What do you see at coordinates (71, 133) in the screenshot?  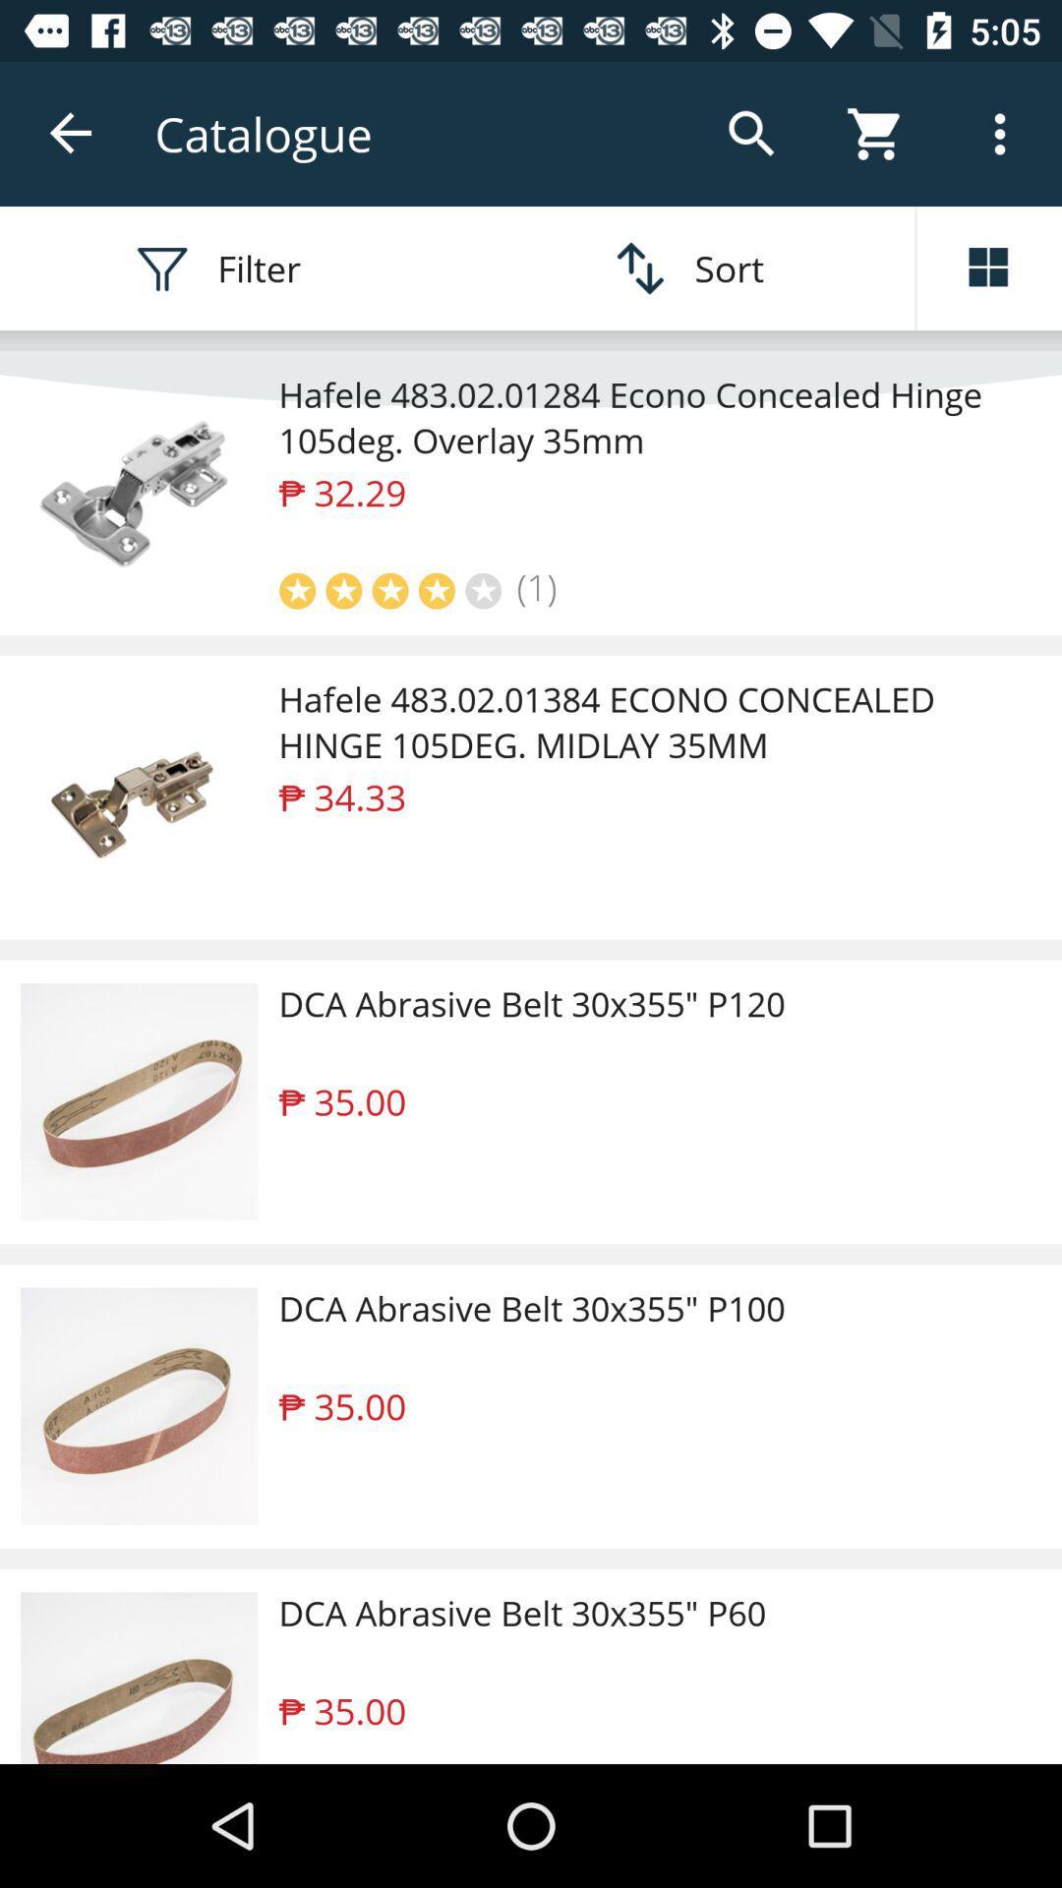 I see `back` at bounding box center [71, 133].